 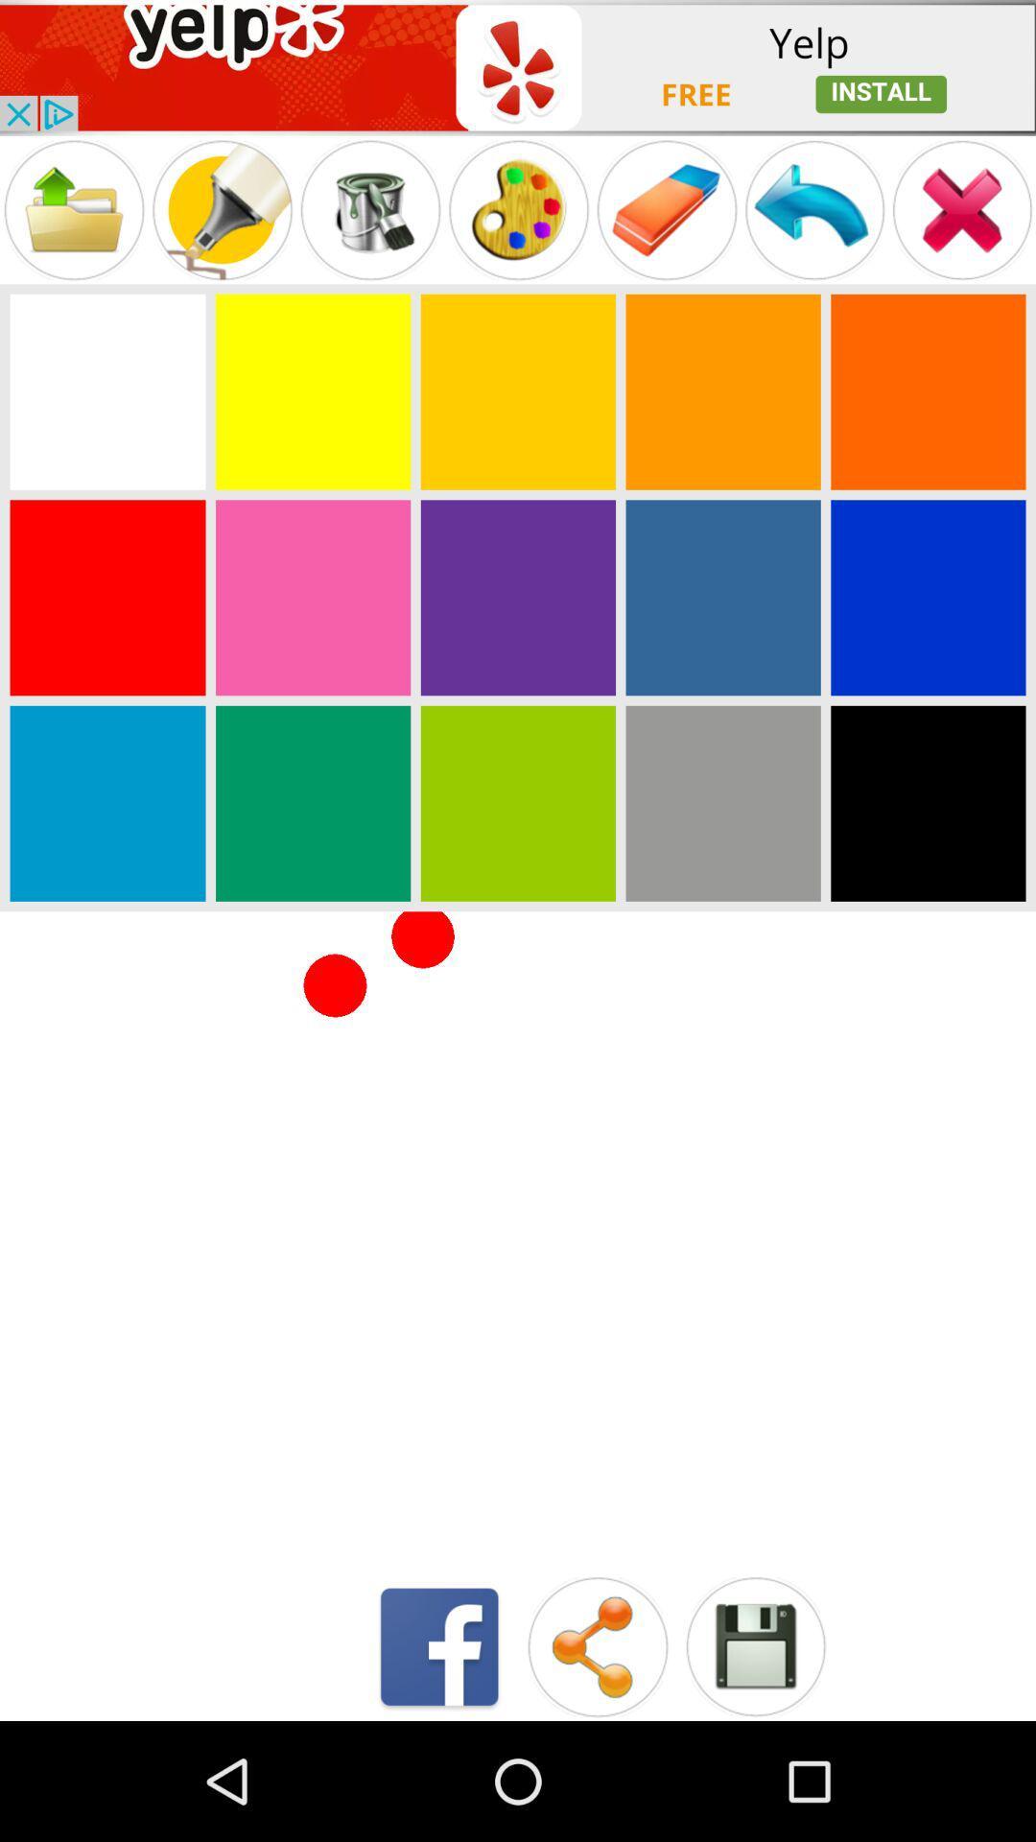 What do you see at coordinates (597, 1645) in the screenshot?
I see `share button` at bounding box center [597, 1645].